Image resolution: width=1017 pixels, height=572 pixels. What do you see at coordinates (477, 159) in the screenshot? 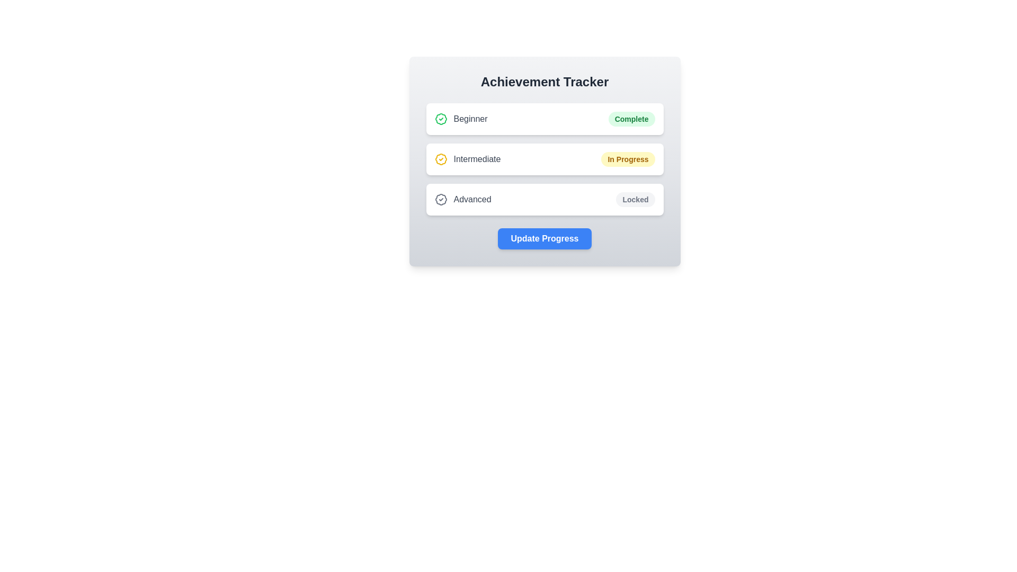
I see `the 'Intermediate' text label in the 'Achievement Tracker' interface, which is styled with a medium gray font and located to the right of a yellow badge icon` at bounding box center [477, 159].